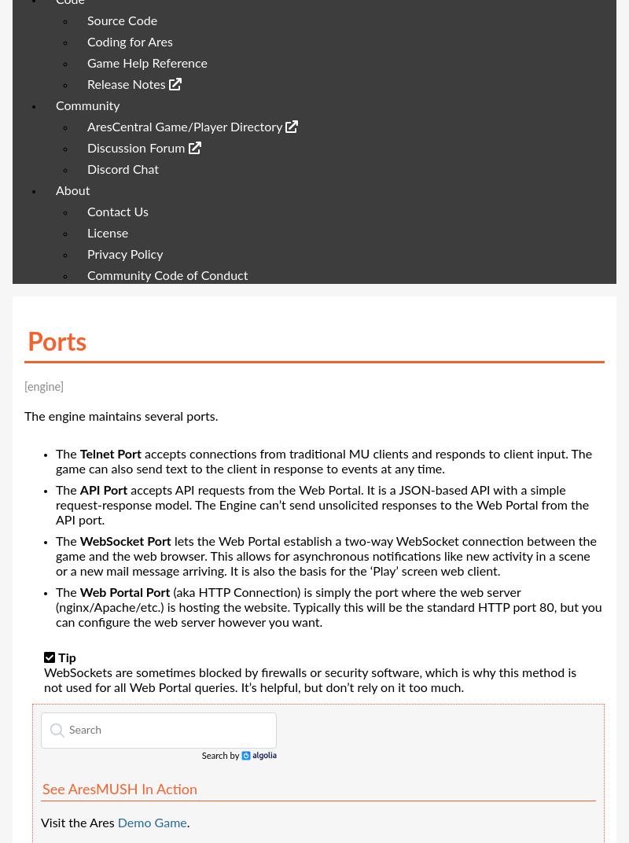 Image resolution: width=629 pixels, height=843 pixels. What do you see at coordinates (102, 491) in the screenshot?
I see `'API Port'` at bounding box center [102, 491].